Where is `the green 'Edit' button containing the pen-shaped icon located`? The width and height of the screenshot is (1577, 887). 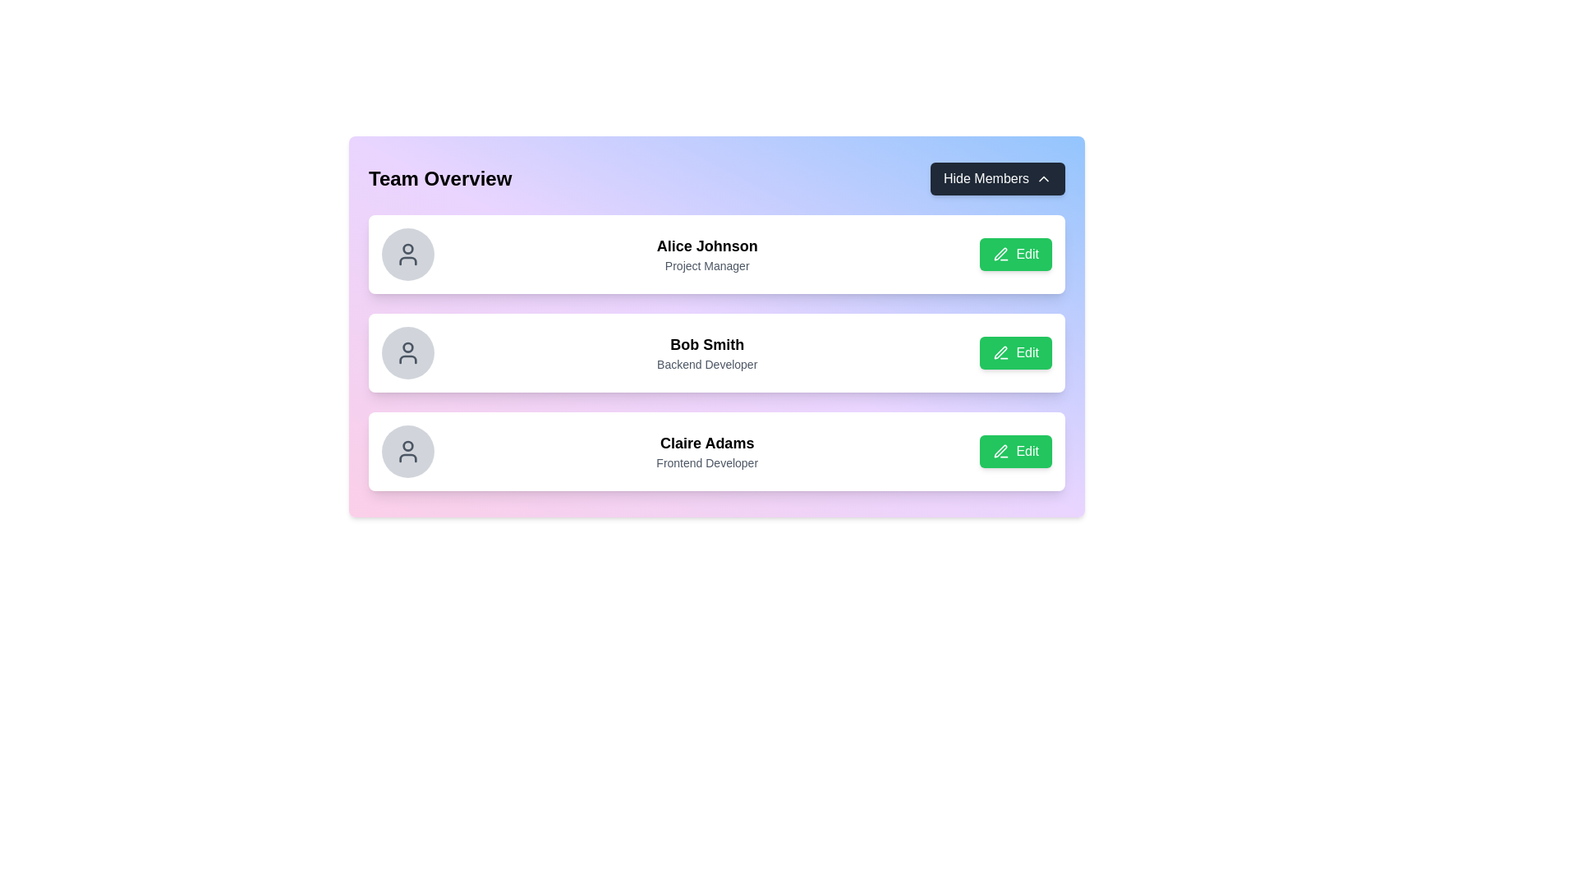 the green 'Edit' button containing the pen-shaped icon located is located at coordinates (1000, 254).